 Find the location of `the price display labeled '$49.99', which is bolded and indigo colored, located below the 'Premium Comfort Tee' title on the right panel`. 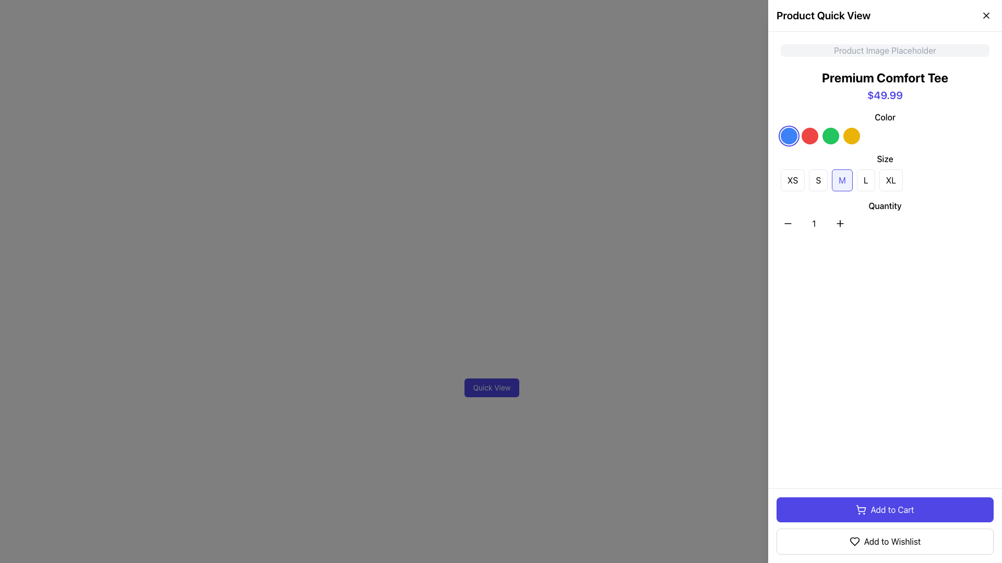

the price display labeled '$49.99', which is bolded and indigo colored, located below the 'Premium Comfort Tee' title on the right panel is located at coordinates (884, 95).